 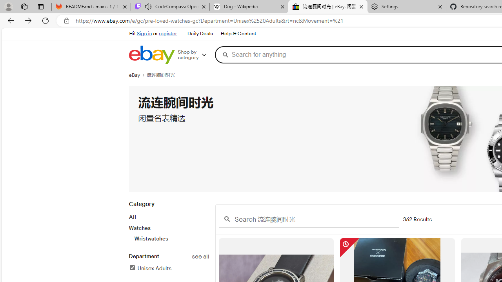 What do you see at coordinates (132, 217) in the screenshot?
I see `'All'` at bounding box center [132, 217].